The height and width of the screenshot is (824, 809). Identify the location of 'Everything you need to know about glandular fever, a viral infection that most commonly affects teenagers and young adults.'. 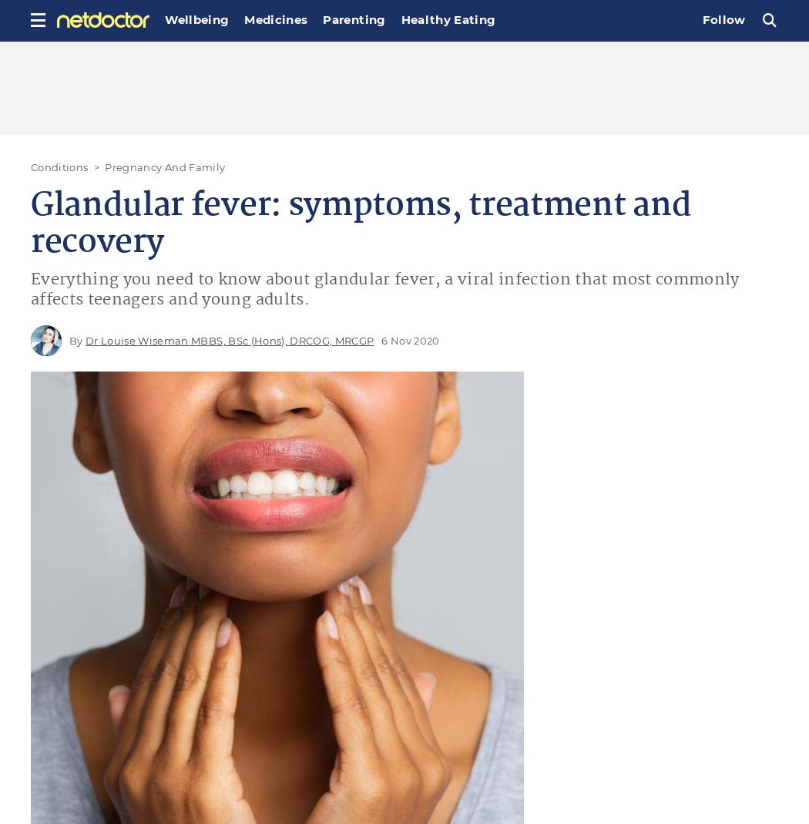
(384, 289).